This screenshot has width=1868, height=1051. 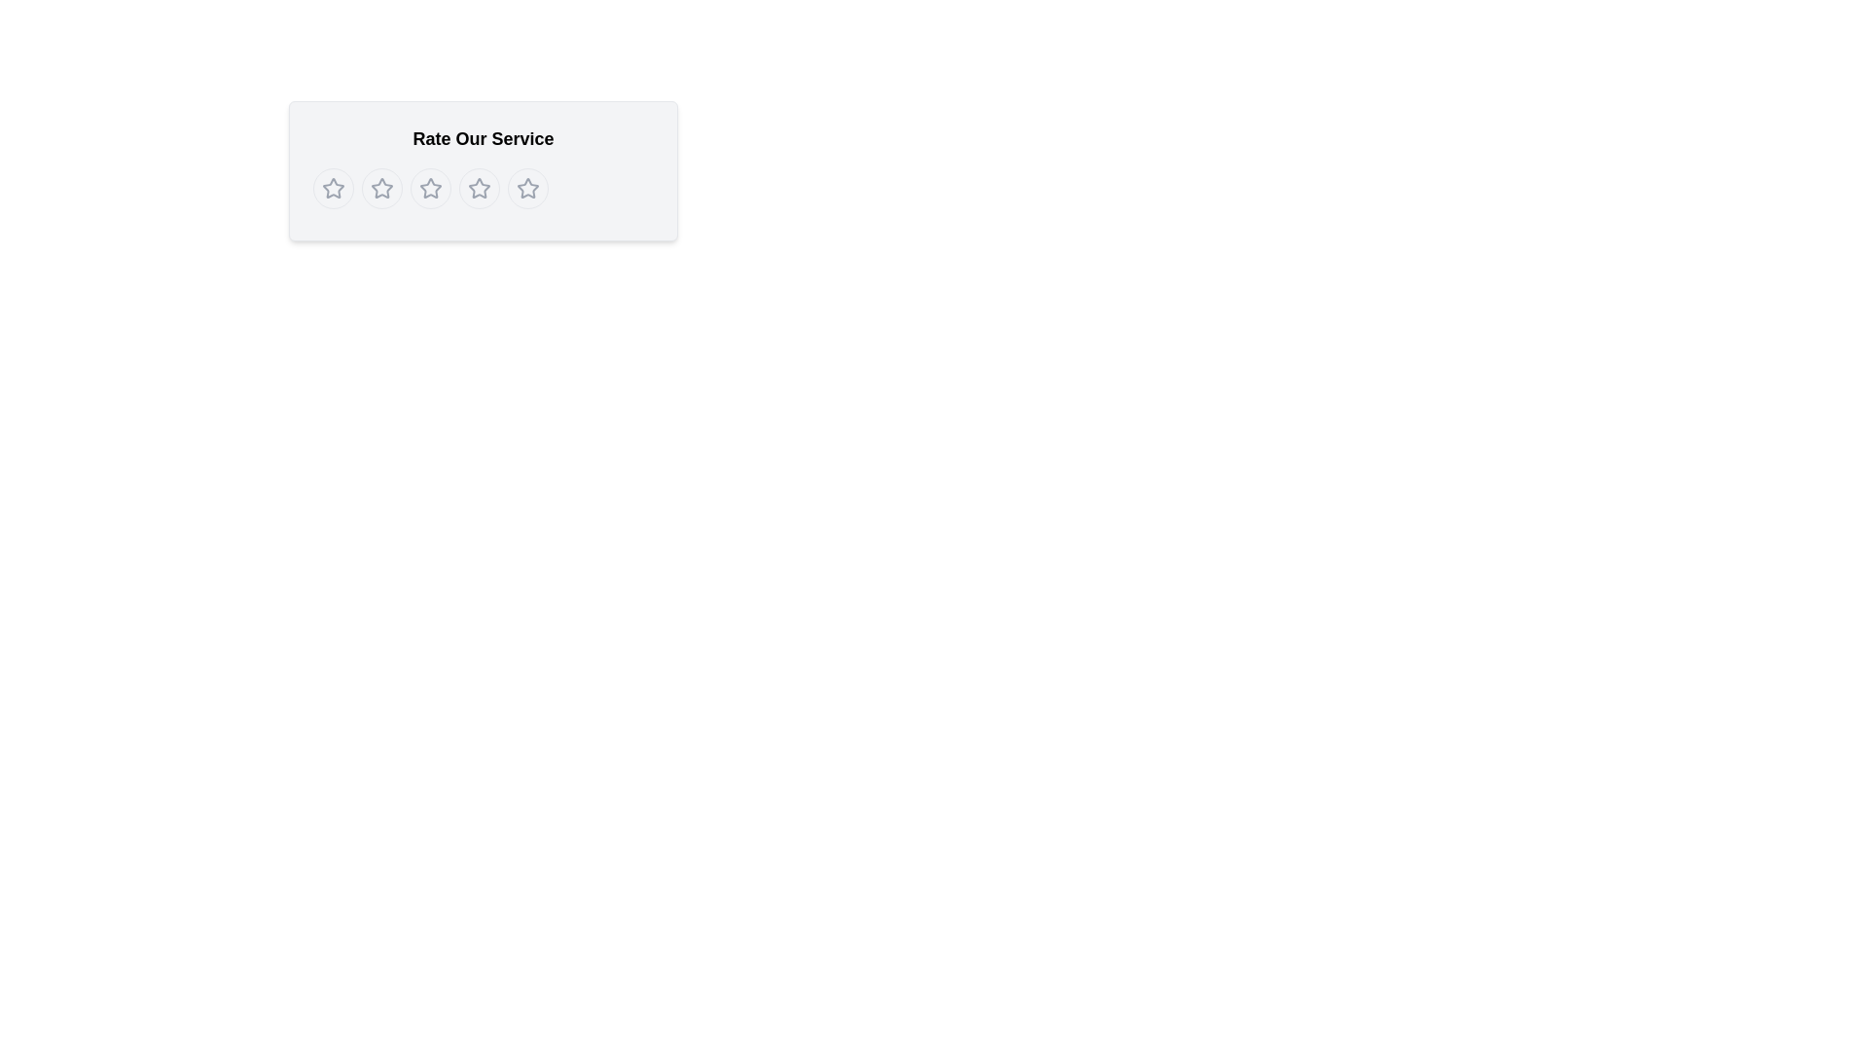 What do you see at coordinates (381, 187) in the screenshot?
I see `the second star icon in the 5-star rating system` at bounding box center [381, 187].